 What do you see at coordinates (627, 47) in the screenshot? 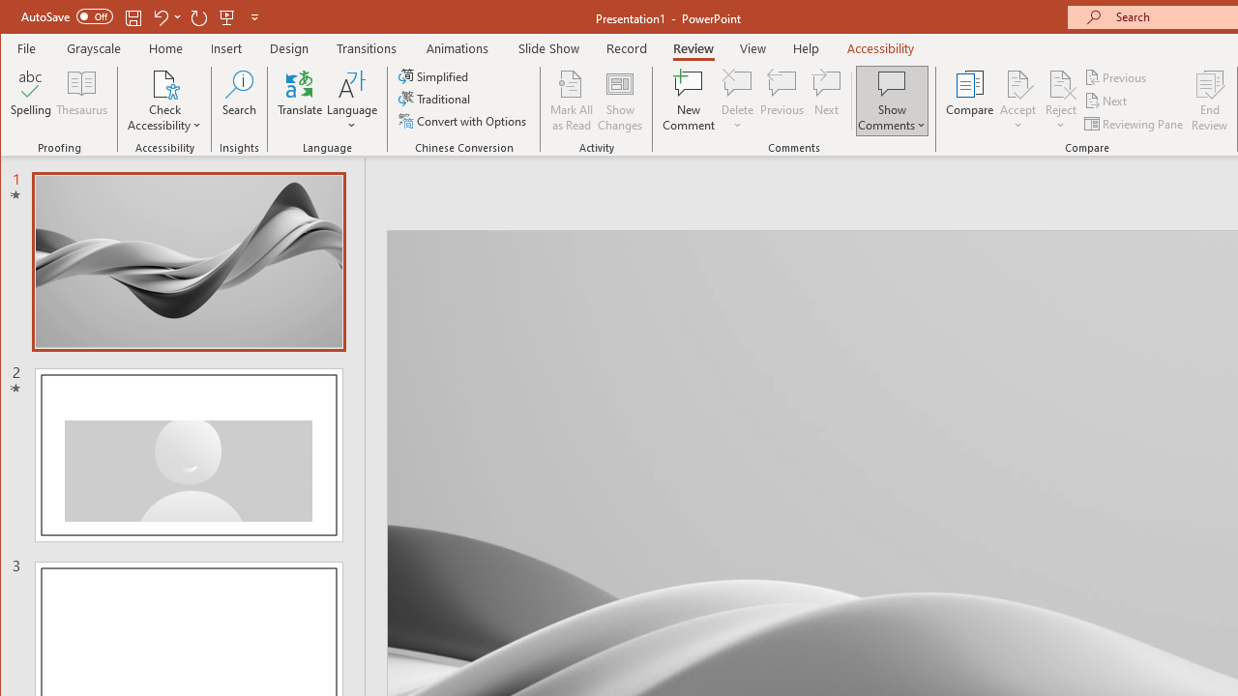
I see `'Record'` at bounding box center [627, 47].